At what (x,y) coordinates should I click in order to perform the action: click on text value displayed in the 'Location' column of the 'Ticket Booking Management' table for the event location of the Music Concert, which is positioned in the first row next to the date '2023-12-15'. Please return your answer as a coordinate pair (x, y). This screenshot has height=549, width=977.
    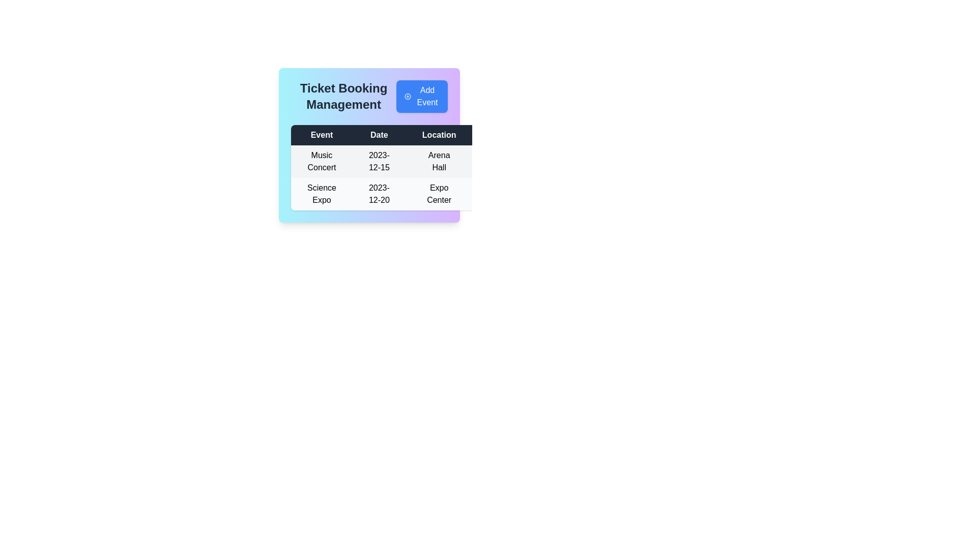
    Looking at the image, I should click on (439, 161).